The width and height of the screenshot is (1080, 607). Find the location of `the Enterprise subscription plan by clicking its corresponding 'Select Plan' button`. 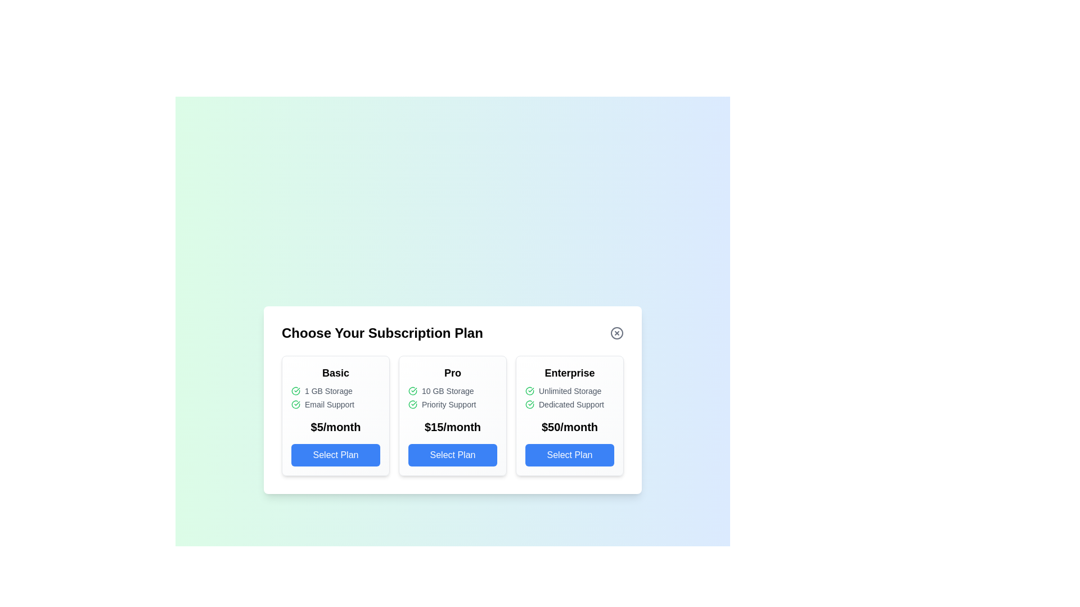

the Enterprise subscription plan by clicking its corresponding 'Select Plan' button is located at coordinates (569, 455).